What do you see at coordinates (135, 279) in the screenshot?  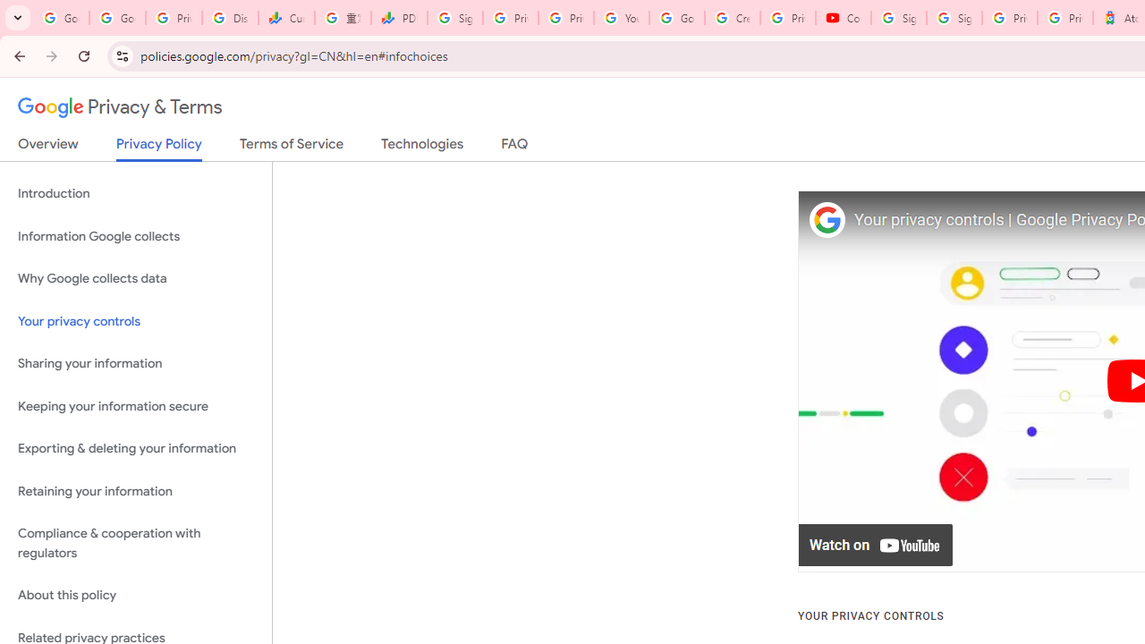 I see `'Why Google collects data'` at bounding box center [135, 279].